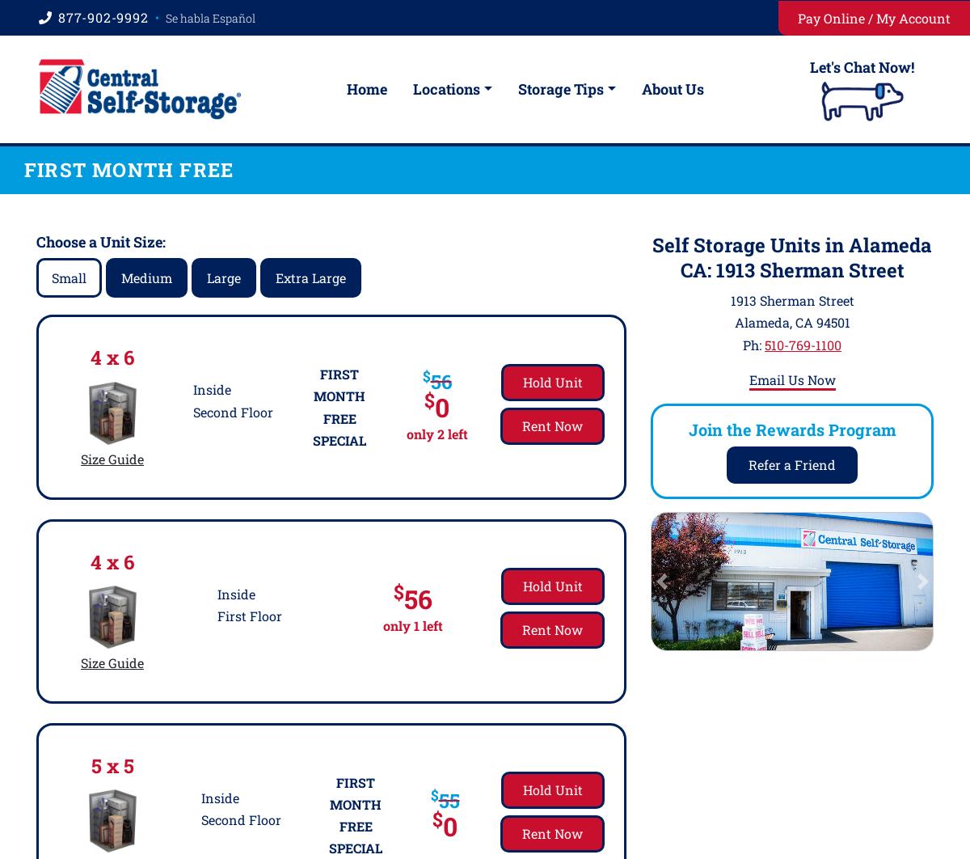  What do you see at coordinates (742, 343) in the screenshot?
I see `'Ph:'` at bounding box center [742, 343].